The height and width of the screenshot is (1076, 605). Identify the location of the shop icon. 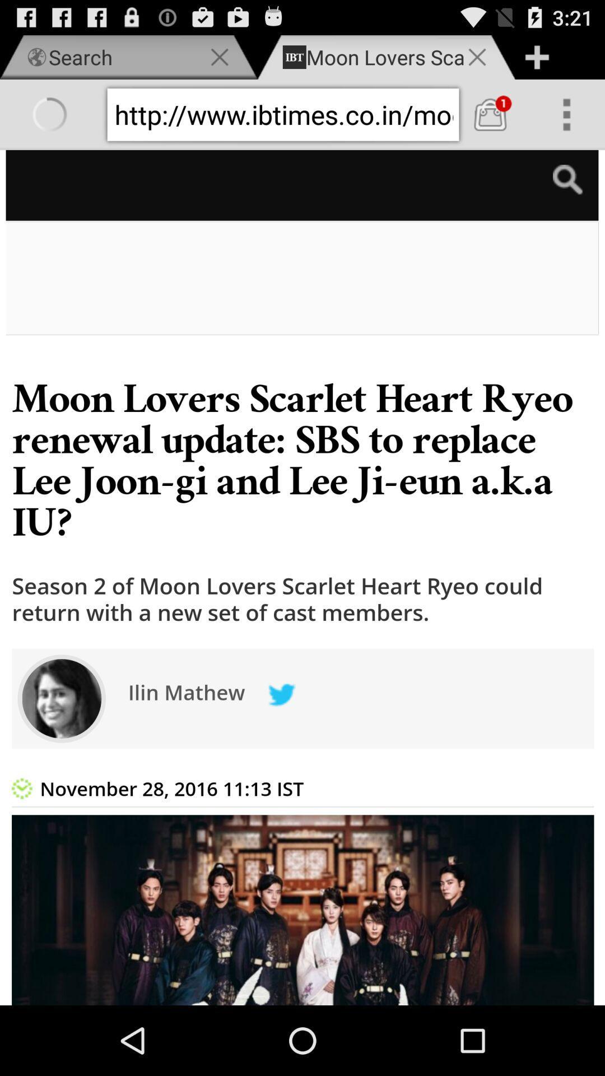
(490, 123).